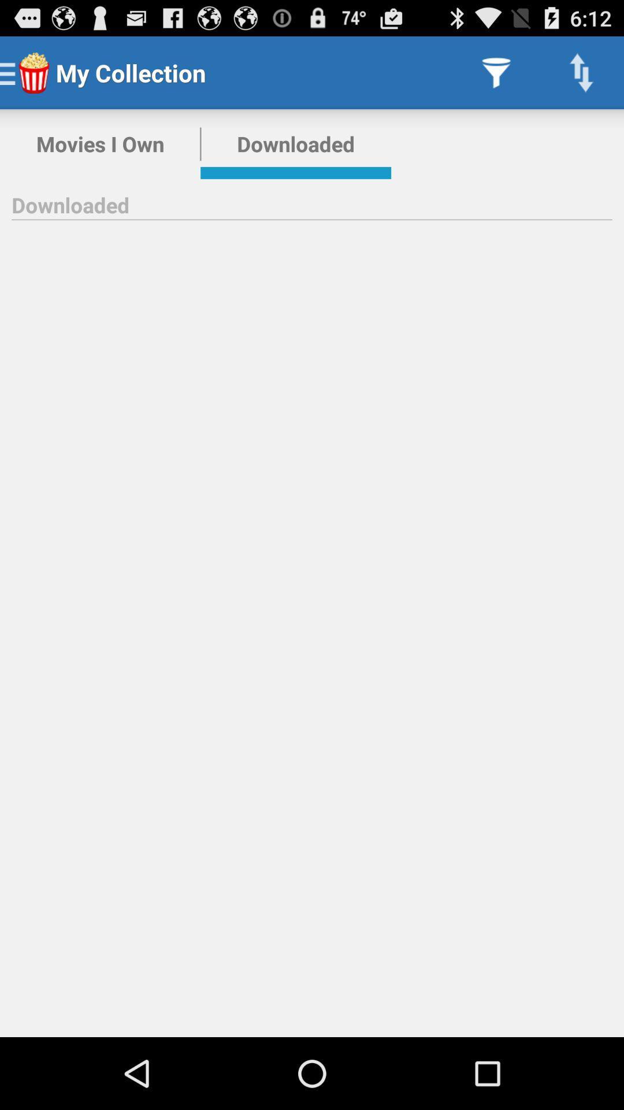  I want to click on movies i own app, so click(99, 143).